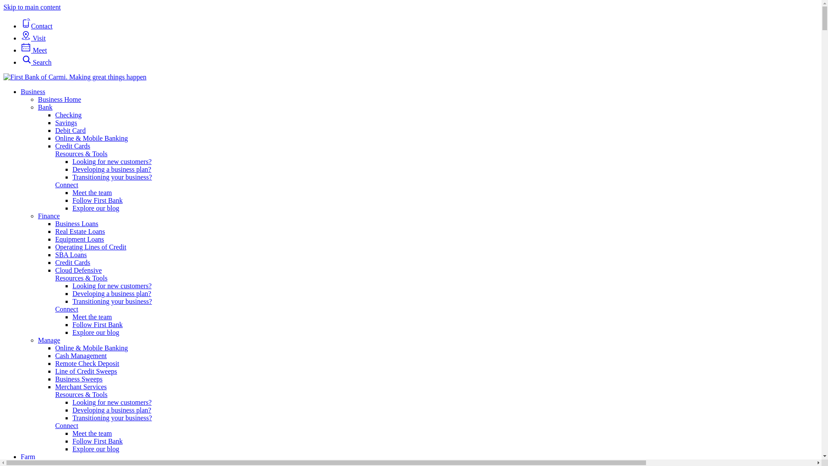 The height and width of the screenshot is (466, 828). Describe the element at coordinates (78, 270) in the screenshot. I see `'Cloud Defensive'` at that location.